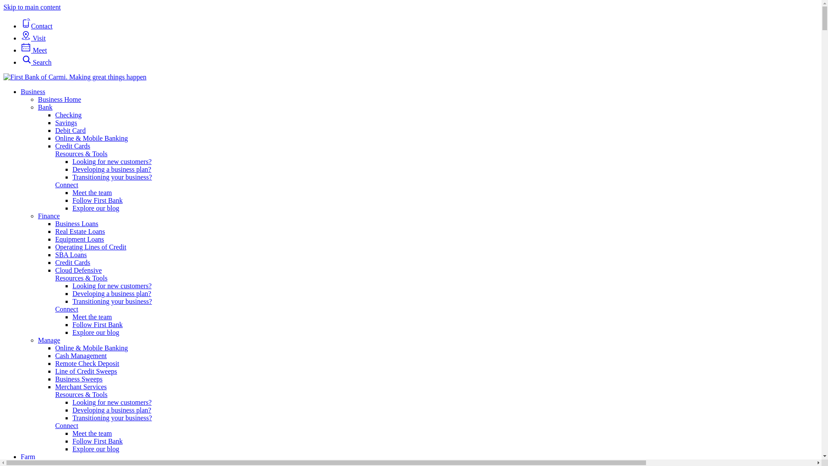 The height and width of the screenshot is (466, 828). Describe the element at coordinates (78, 270) in the screenshot. I see `'Cloud Defensive'` at that location.